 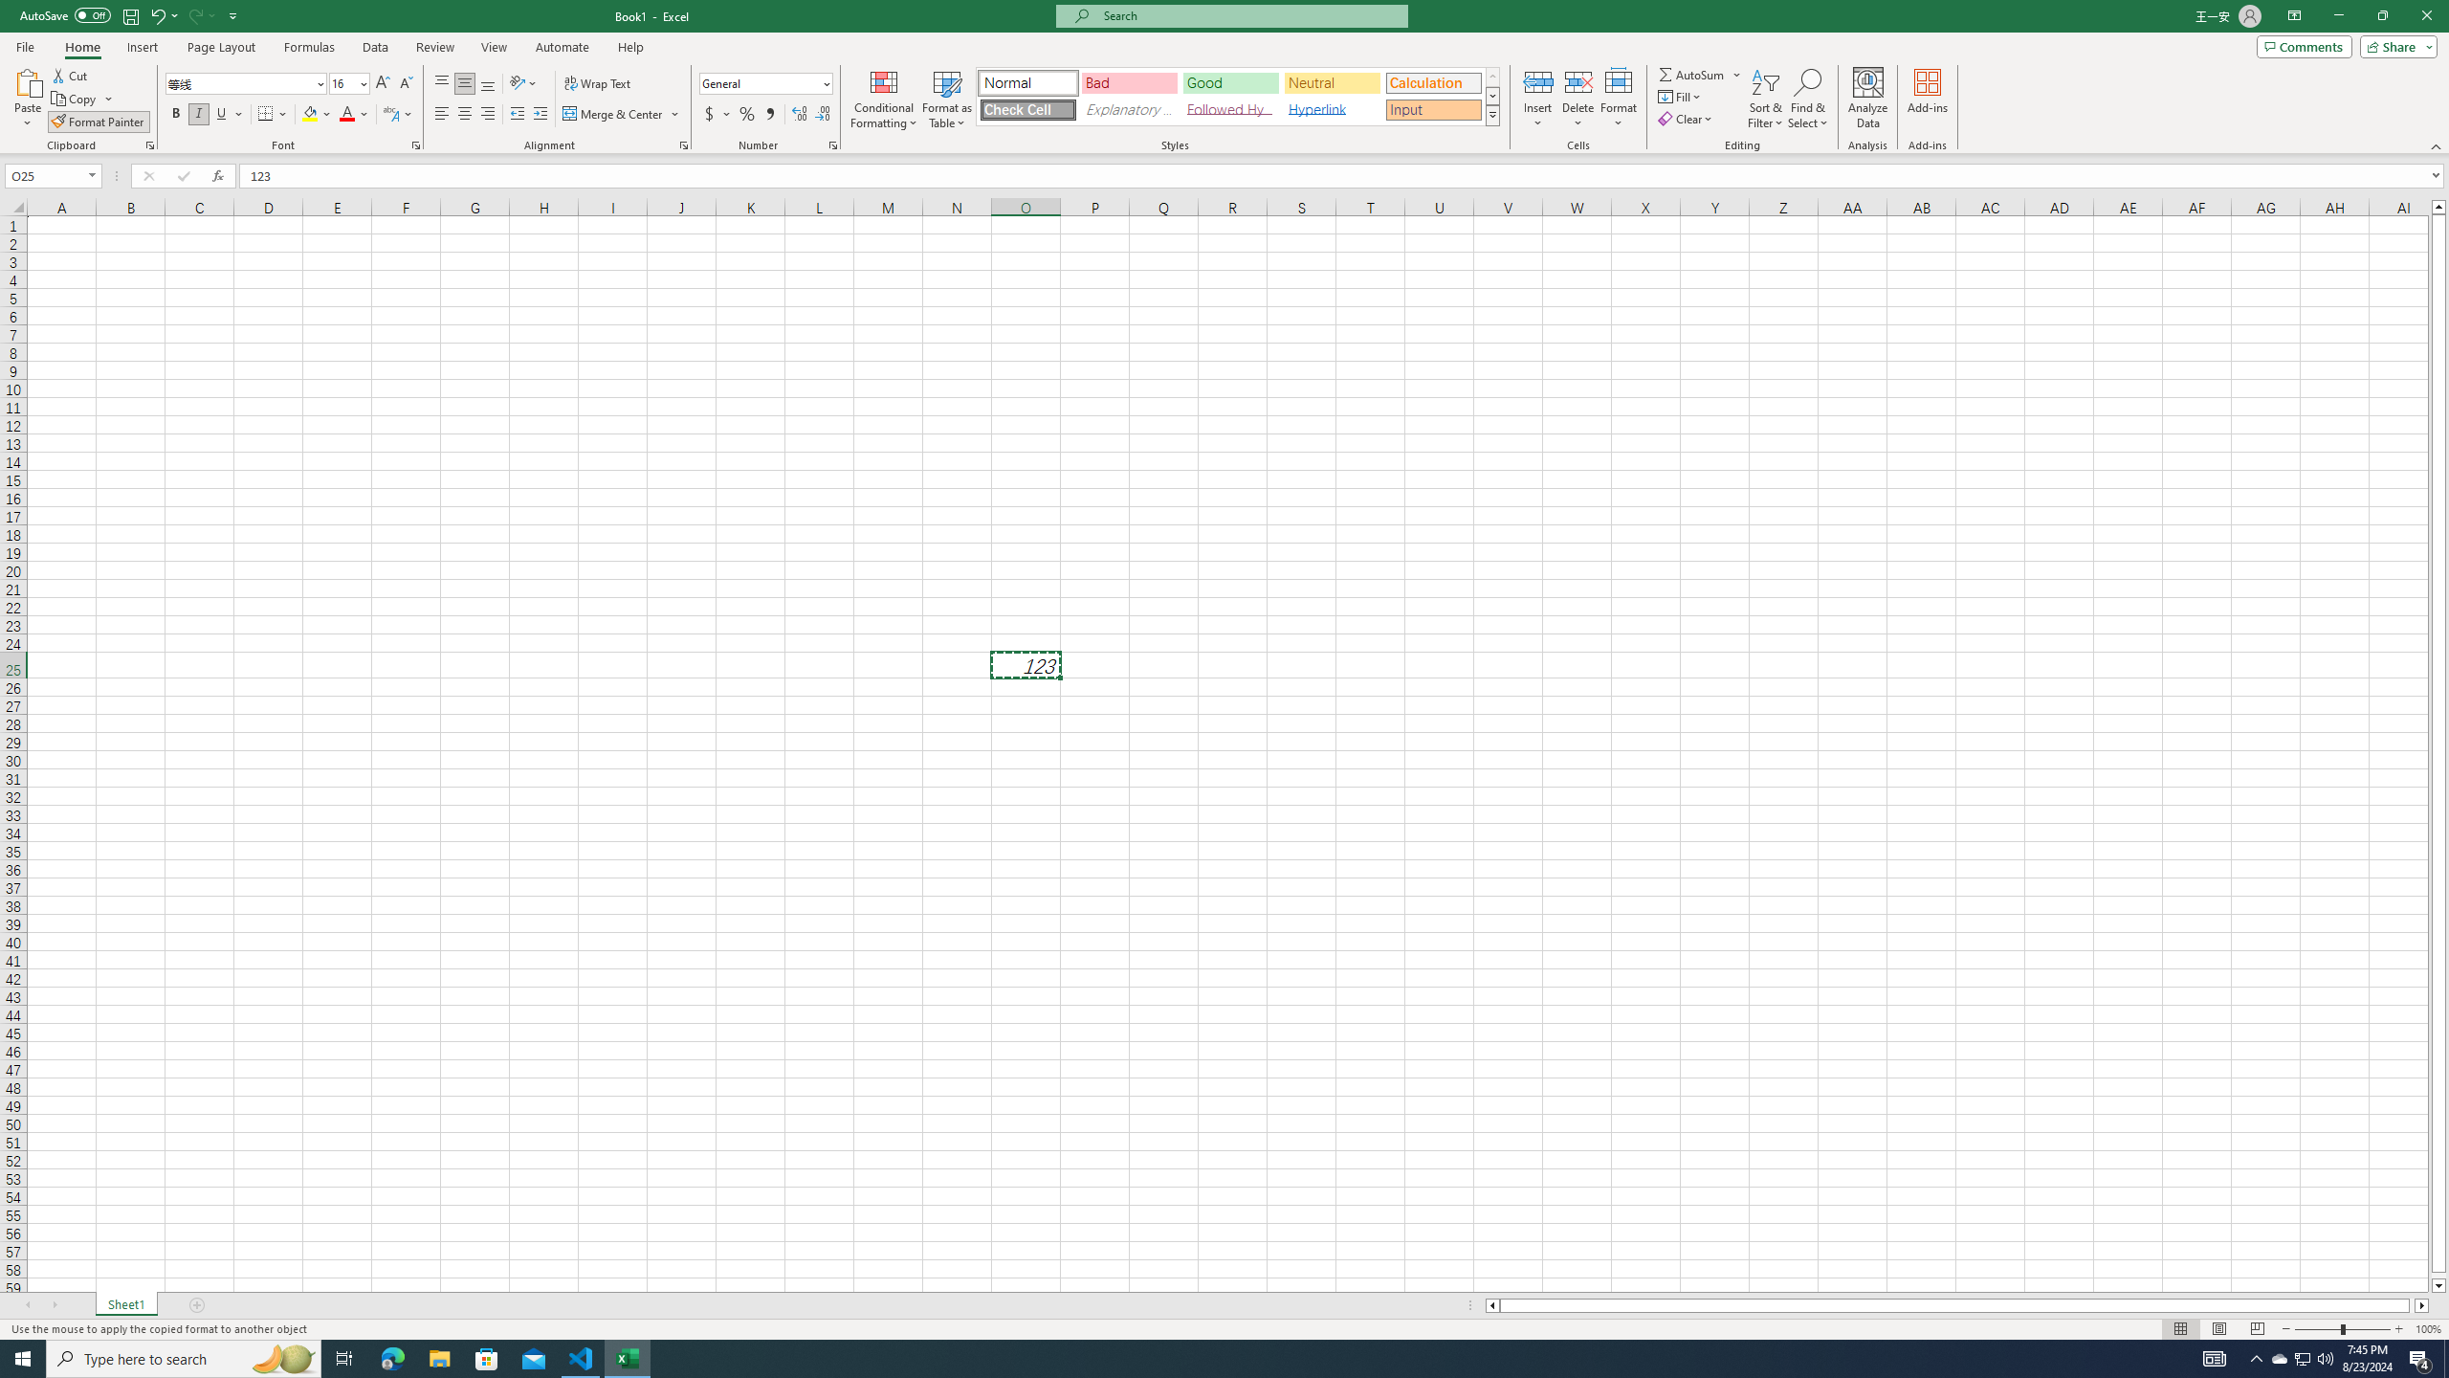 What do you see at coordinates (613, 113) in the screenshot?
I see `'Merge & Center'` at bounding box center [613, 113].